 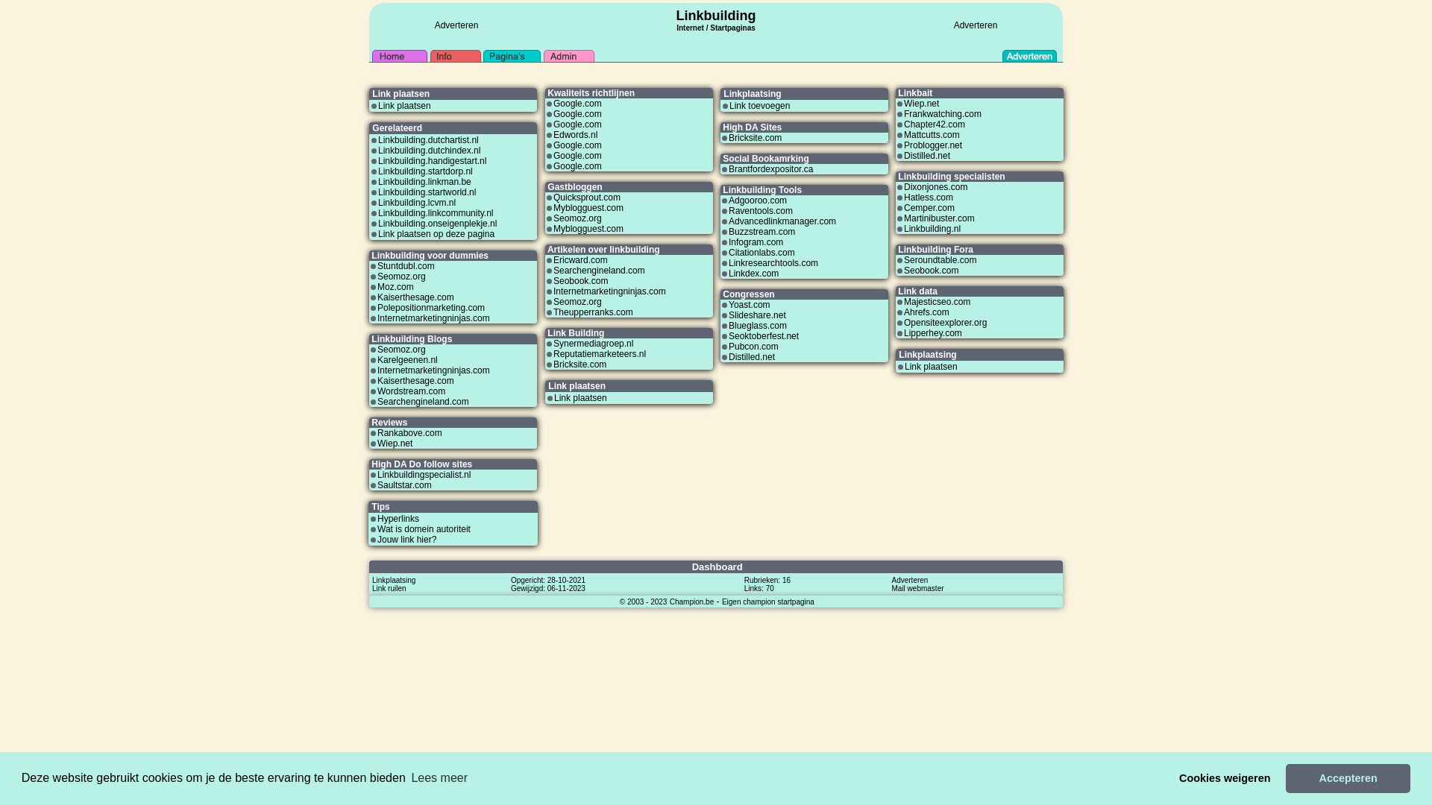 What do you see at coordinates (926, 312) in the screenshot?
I see `'Ahrefs.com'` at bounding box center [926, 312].